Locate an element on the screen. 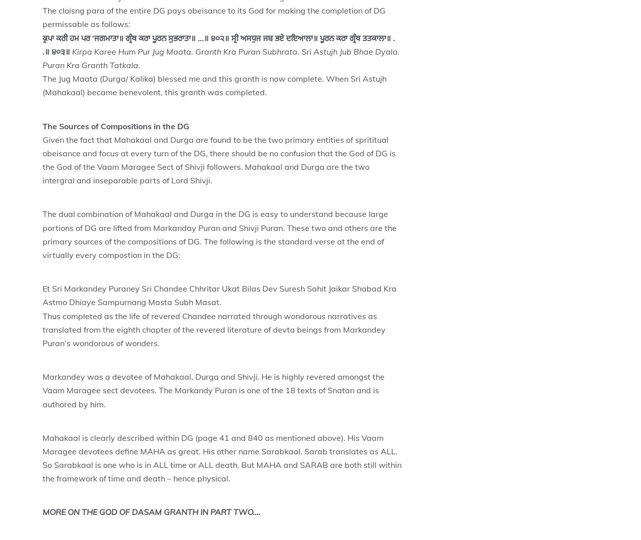  'Thus completed as the life of revered Chandee narrated through wondorous narratives as translated from the eighth chapter of the revered literature of devta beings from Markandey Puran’s wondorous of wonders.' is located at coordinates (213, 329).